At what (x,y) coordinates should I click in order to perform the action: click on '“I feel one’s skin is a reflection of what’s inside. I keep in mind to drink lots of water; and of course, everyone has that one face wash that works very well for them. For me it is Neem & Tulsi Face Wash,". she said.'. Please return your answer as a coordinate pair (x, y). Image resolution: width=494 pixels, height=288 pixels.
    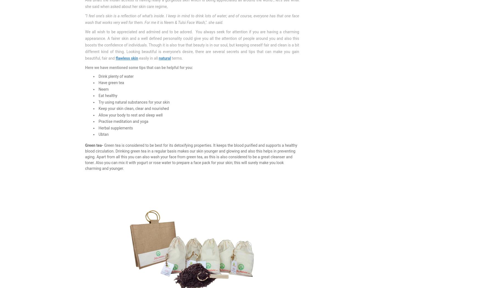
    Looking at the image, I should click on (192, 19).